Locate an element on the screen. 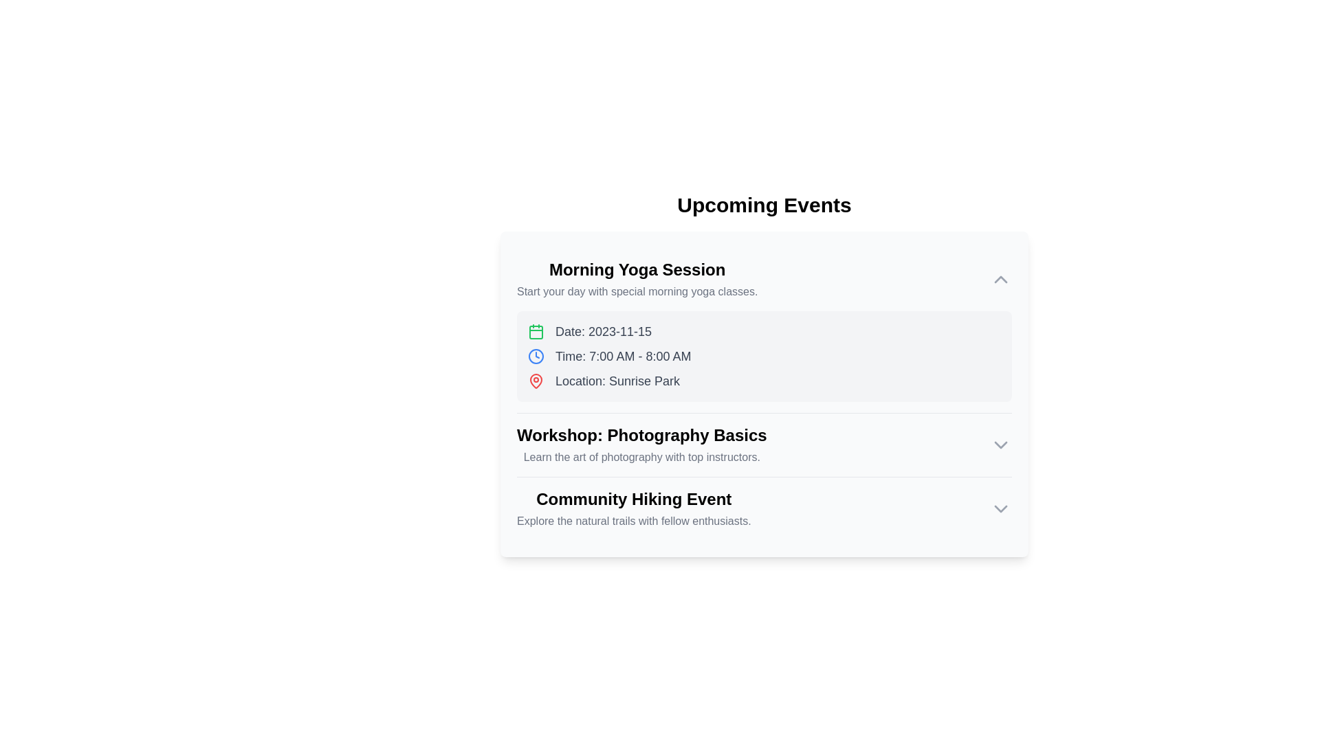  the main rectangular segment of the calendar icon located in the top-left segment of the 'Morning Yoga Session' section, which represents the date field under the 'Date: 2023-11-15' label is located at coordinates (535, 332).